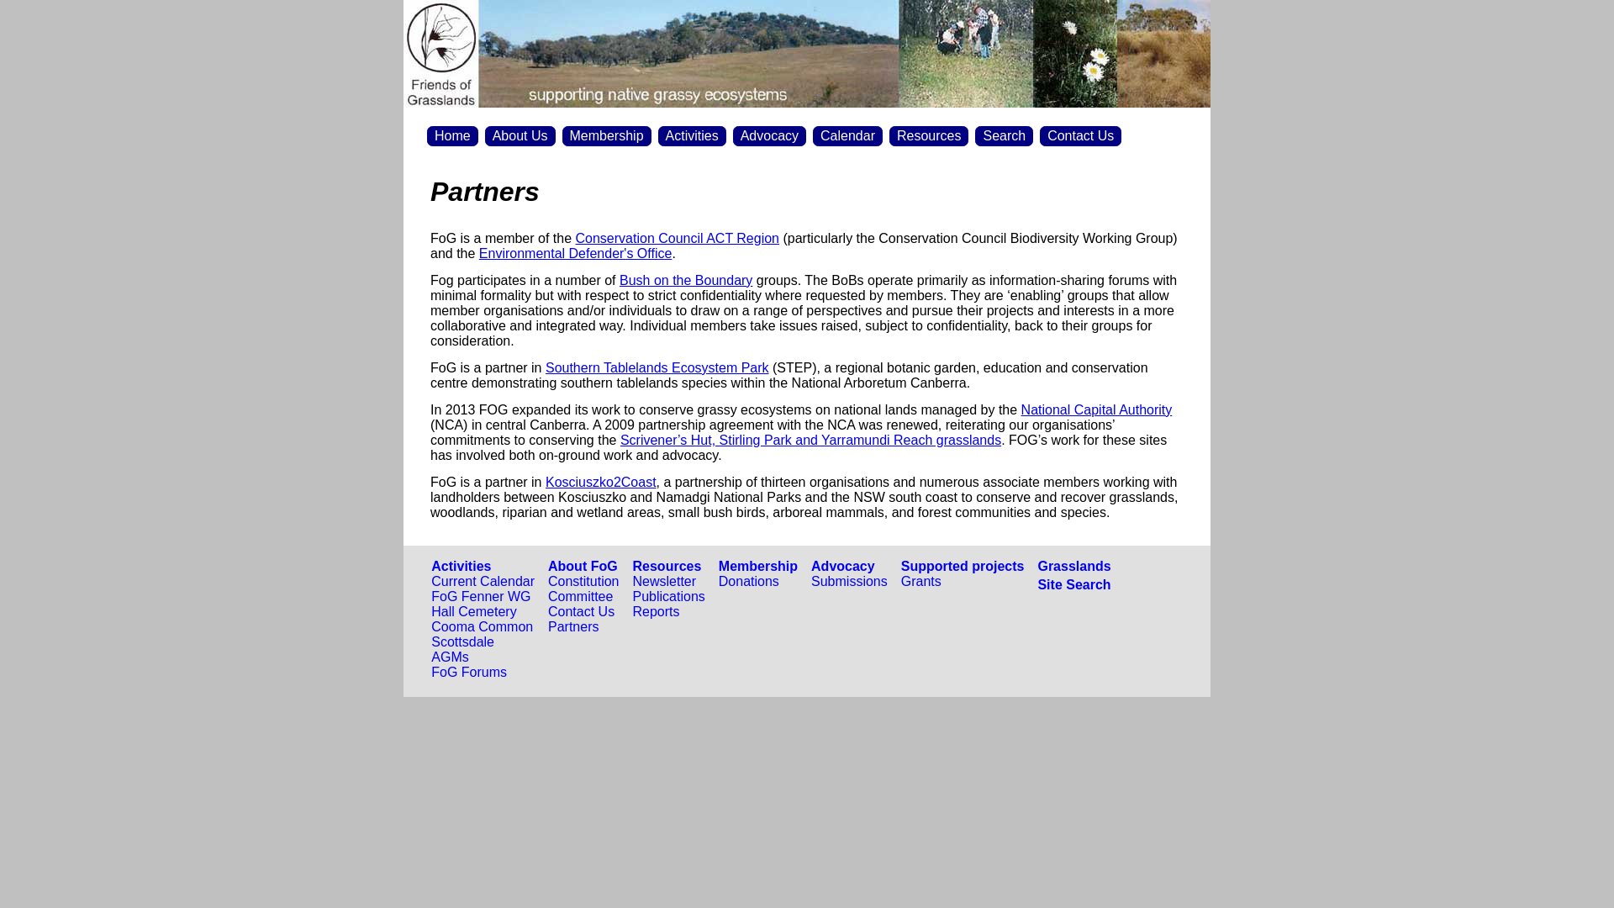  Describe the element at coordinates (431, 595) in the screenshot. I see `'FoG Fenner WG'` at that location.